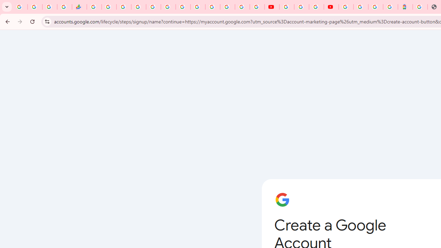 The height and width of the screenshot is (248, 441). I want to click on 'Atour Hotel - Google hotels', so click(405, 7).